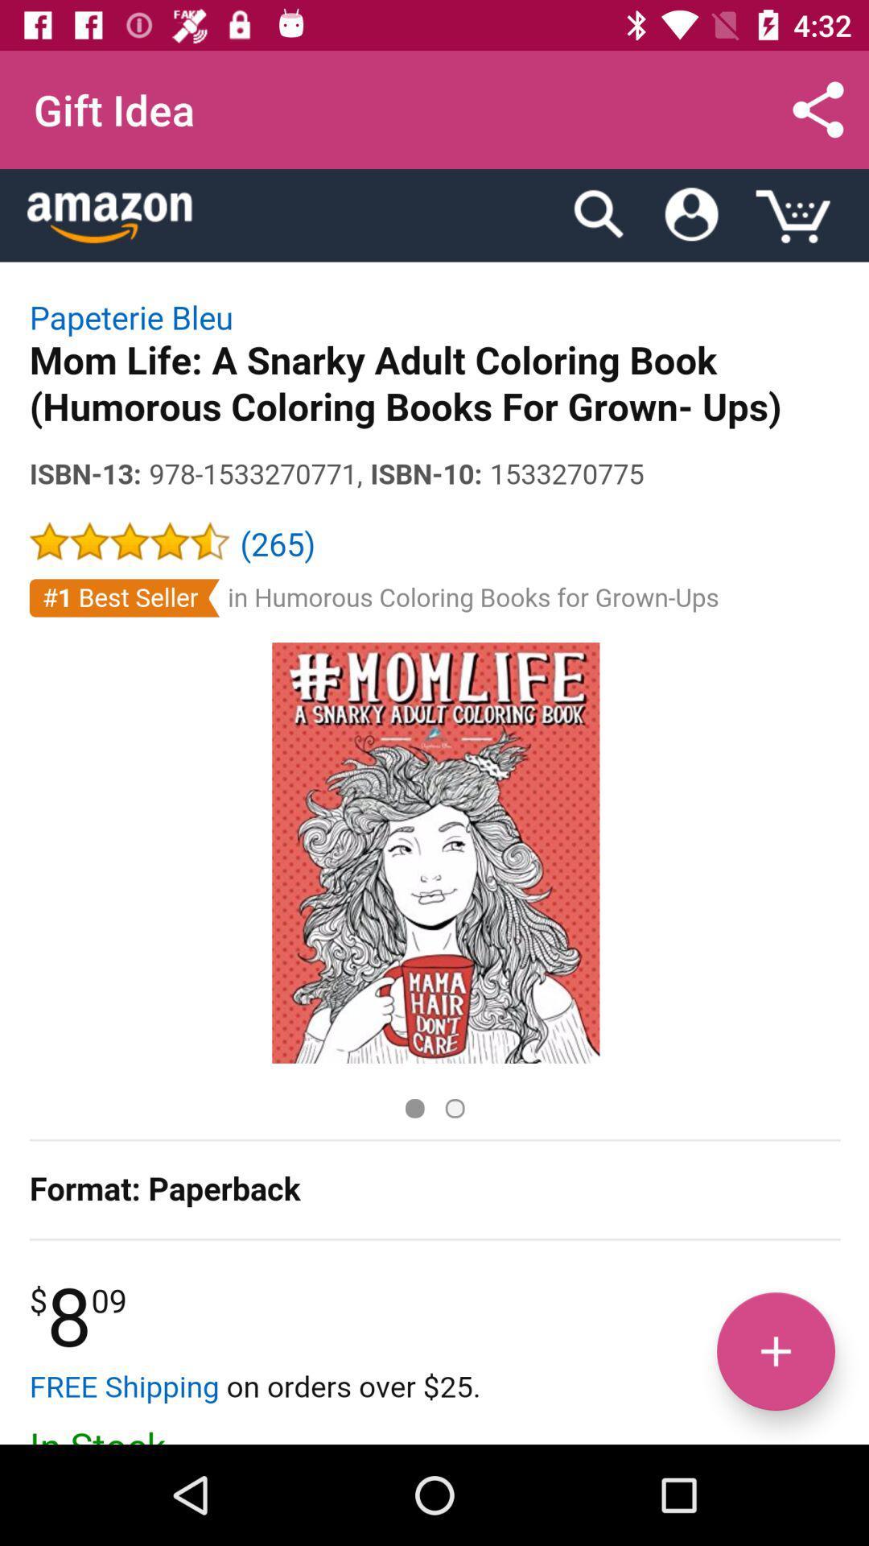 Image resolution: width=869 pixels, height=1546 pixels. I want to click on increase, so click(775, 1351).